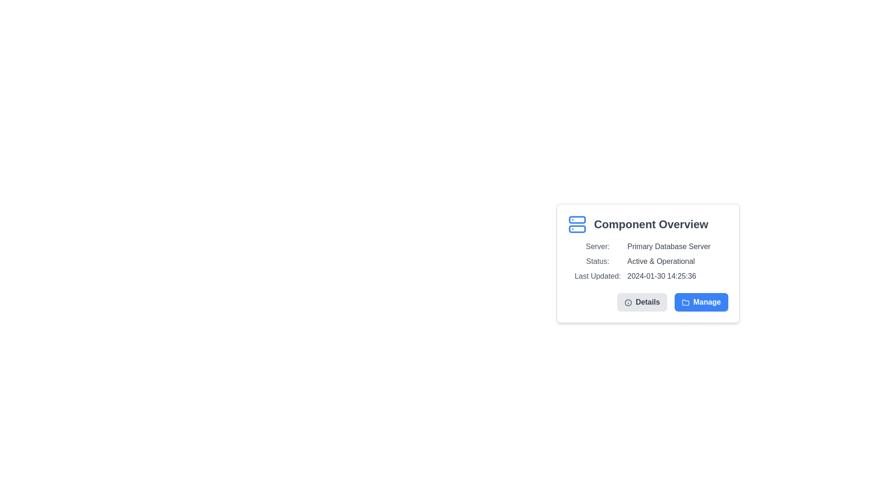  What do you see at coordinates (577, 219) in the screenshot?
I see `the upper-left rectangular component of the server icon in the 'Component Overview' card, which is the first of two stacked rectangles` at bounding box center [577, 219].